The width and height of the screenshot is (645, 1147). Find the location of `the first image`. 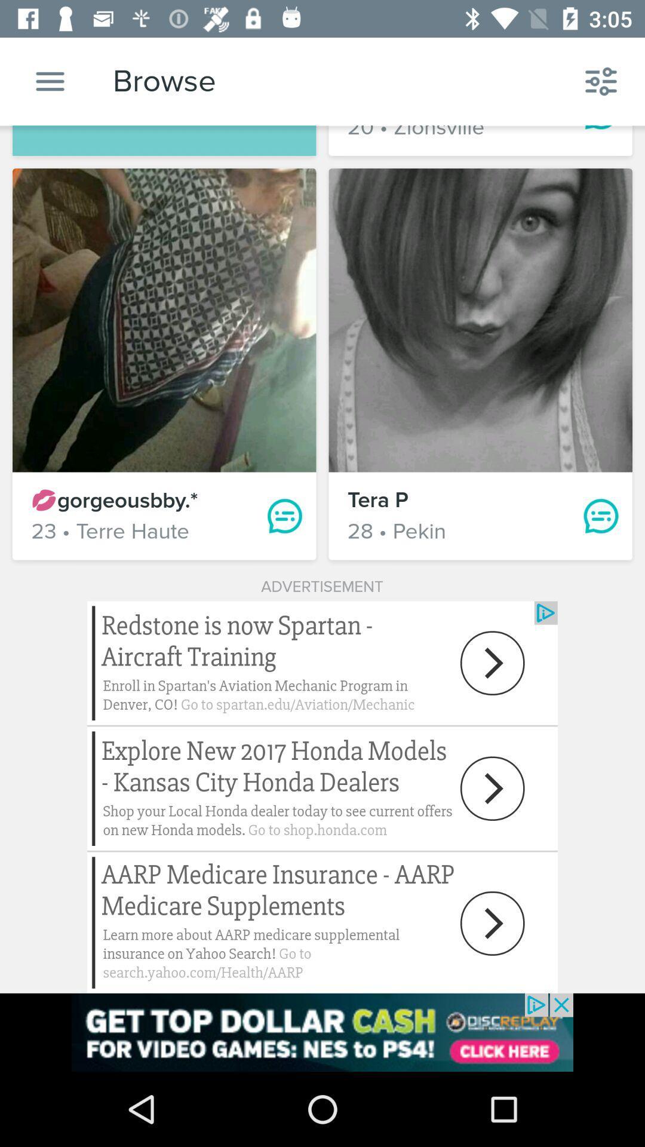

the first image is located at coordinates (164, 320).